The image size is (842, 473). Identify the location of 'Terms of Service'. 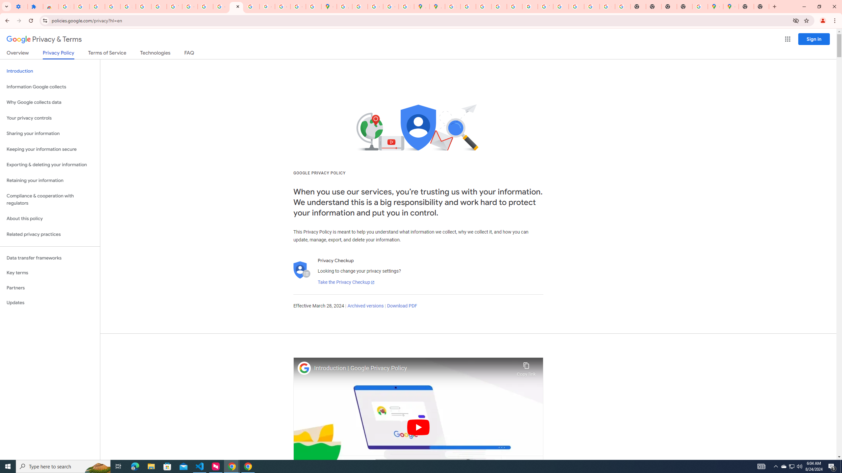
(107, 54).